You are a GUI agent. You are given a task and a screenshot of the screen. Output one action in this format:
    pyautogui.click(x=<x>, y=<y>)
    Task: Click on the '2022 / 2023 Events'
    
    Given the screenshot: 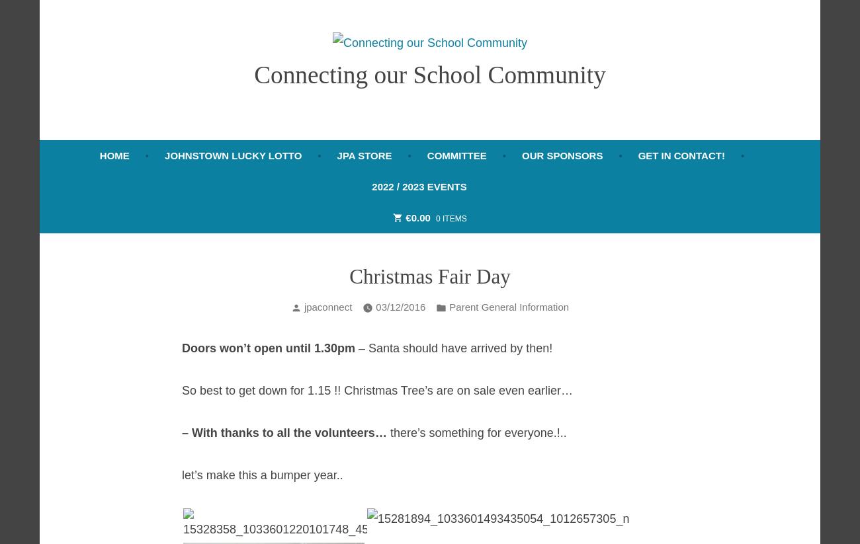 What is the action you would take?
    pyautogui.click(x=419, y=186)
    